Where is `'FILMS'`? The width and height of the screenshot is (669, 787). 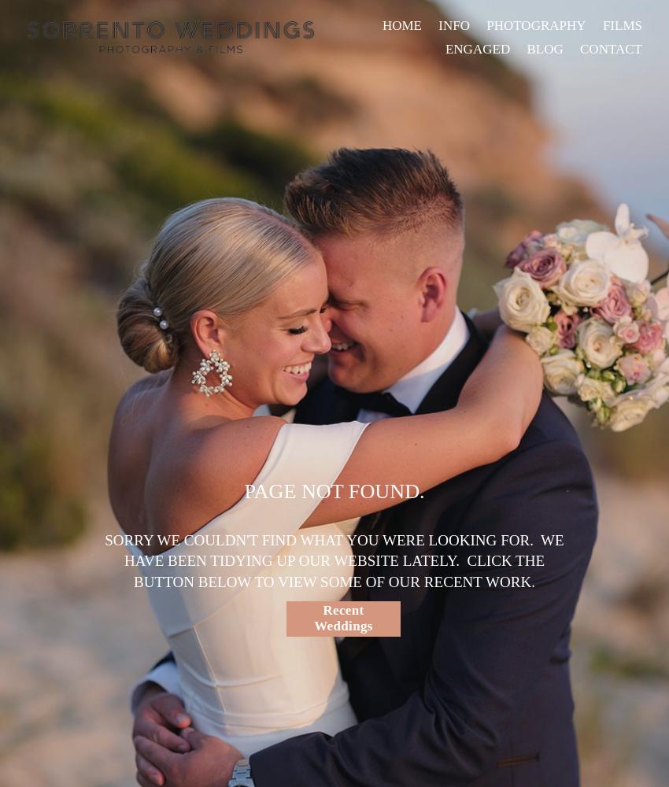 'FILMS' is located at coordinates (621, 24).